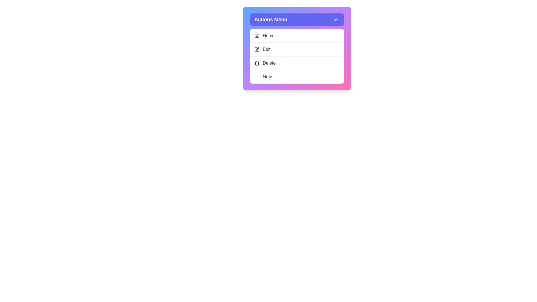 Image resolution: width=537 pixels, height=302 pixels. What do you see at coordinates (296, 77) in the screenshot?
I see `the menu item New from the dropdown menu` at bounding box center [296, 77].